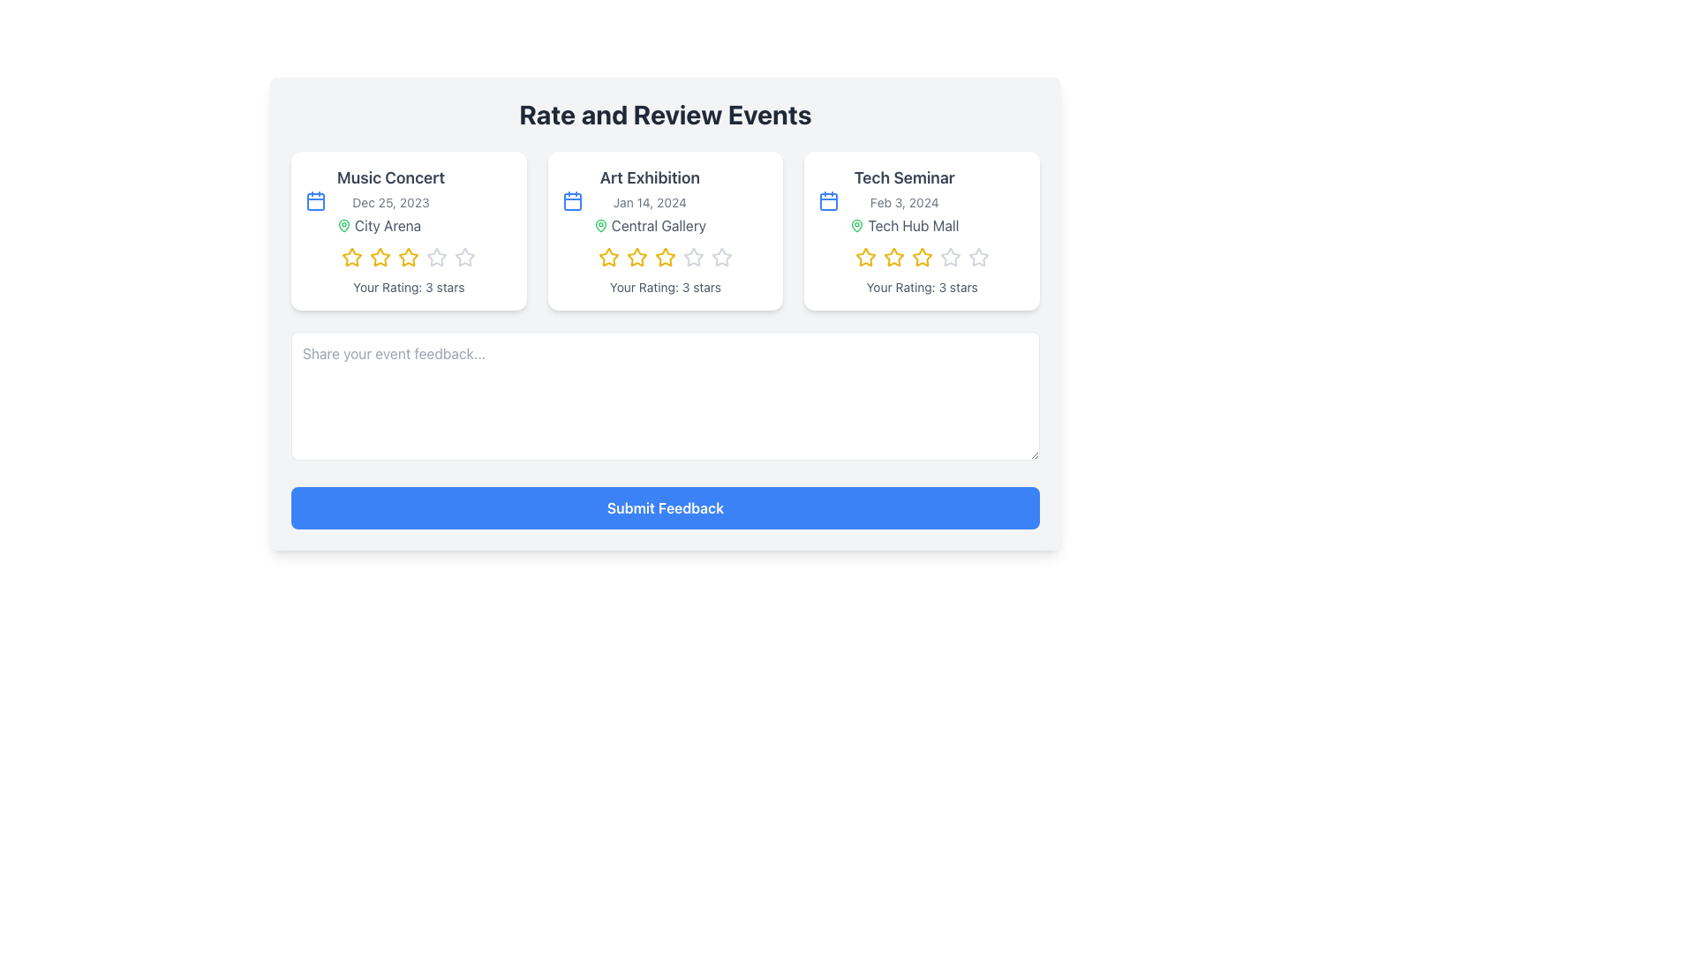  I want to click on the Text Label with Icon that displays the venue of the event located under the title 'Art Exhibition' and date 'Jan 14, 2024' in the middle card of a three-card layout, so click(648, 224).